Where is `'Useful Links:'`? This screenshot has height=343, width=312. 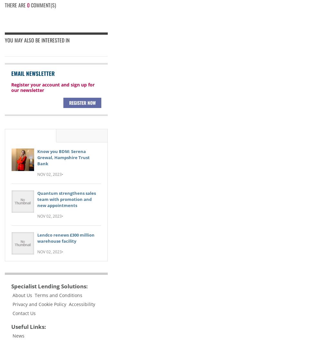
'Useful Links:' is located at coordinates (28, 326).